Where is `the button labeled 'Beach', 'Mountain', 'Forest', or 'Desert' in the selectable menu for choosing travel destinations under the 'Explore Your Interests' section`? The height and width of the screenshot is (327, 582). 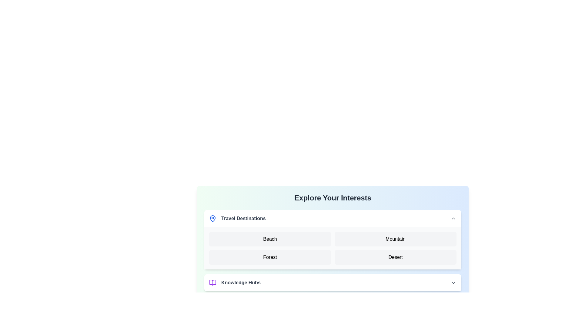 the button labeled 'Beach', 'Mountain', 'Forest', or 'Desert' in the selectable menu for choosing travel destinations under the 'Explore Your Interests' section is located at coordinates (333, 239).